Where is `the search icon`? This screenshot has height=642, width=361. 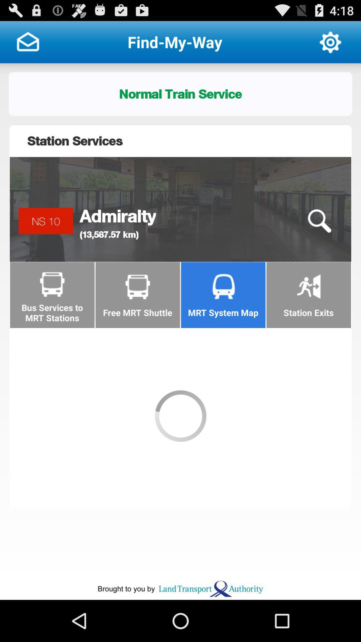 the search icon is located at coordinates (319, 236).